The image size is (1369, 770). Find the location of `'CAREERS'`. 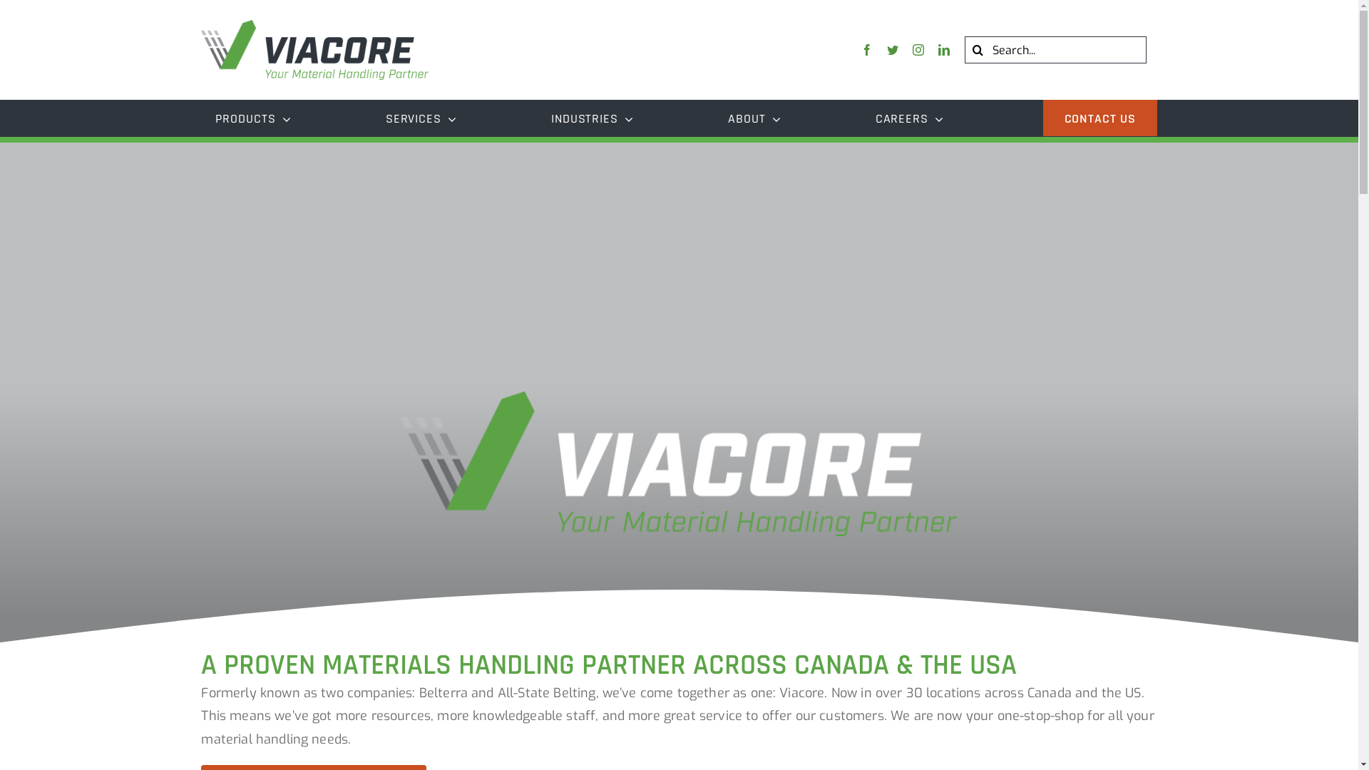

'CAREERS' is located at coordinates (861, 117).